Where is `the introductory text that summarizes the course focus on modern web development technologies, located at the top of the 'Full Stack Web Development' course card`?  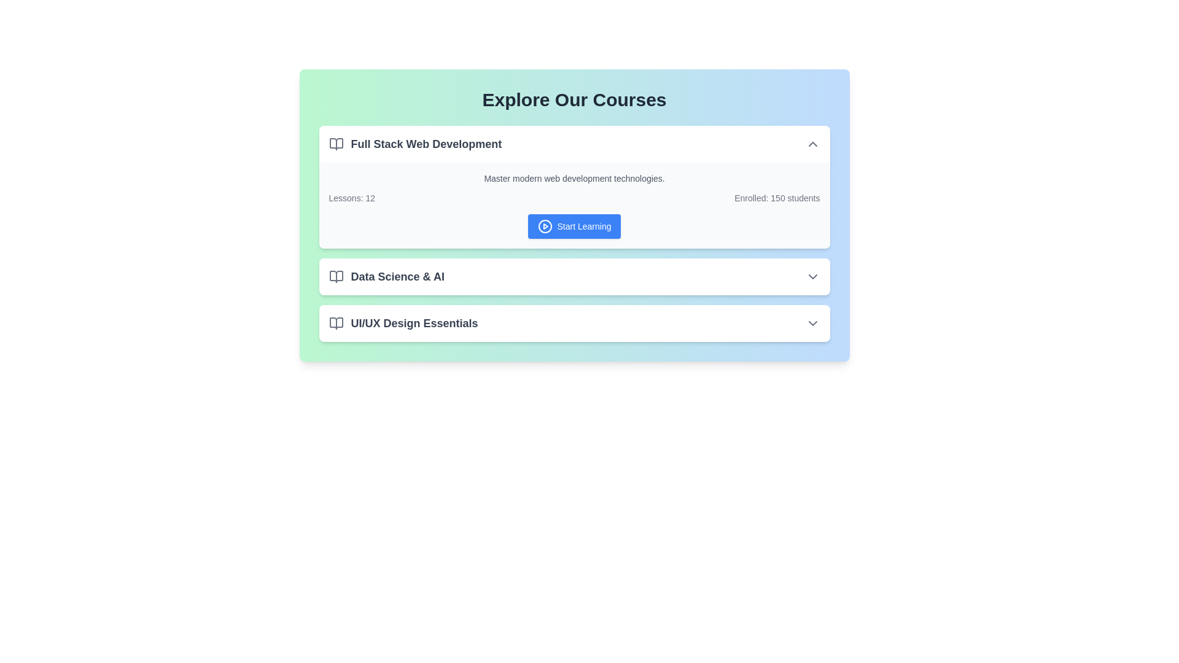 the introductory text that summarizes the course focus on modern web development technologies, located at the top of the 'Full Stack Web Development' course card is located at coordinates (574, 178).